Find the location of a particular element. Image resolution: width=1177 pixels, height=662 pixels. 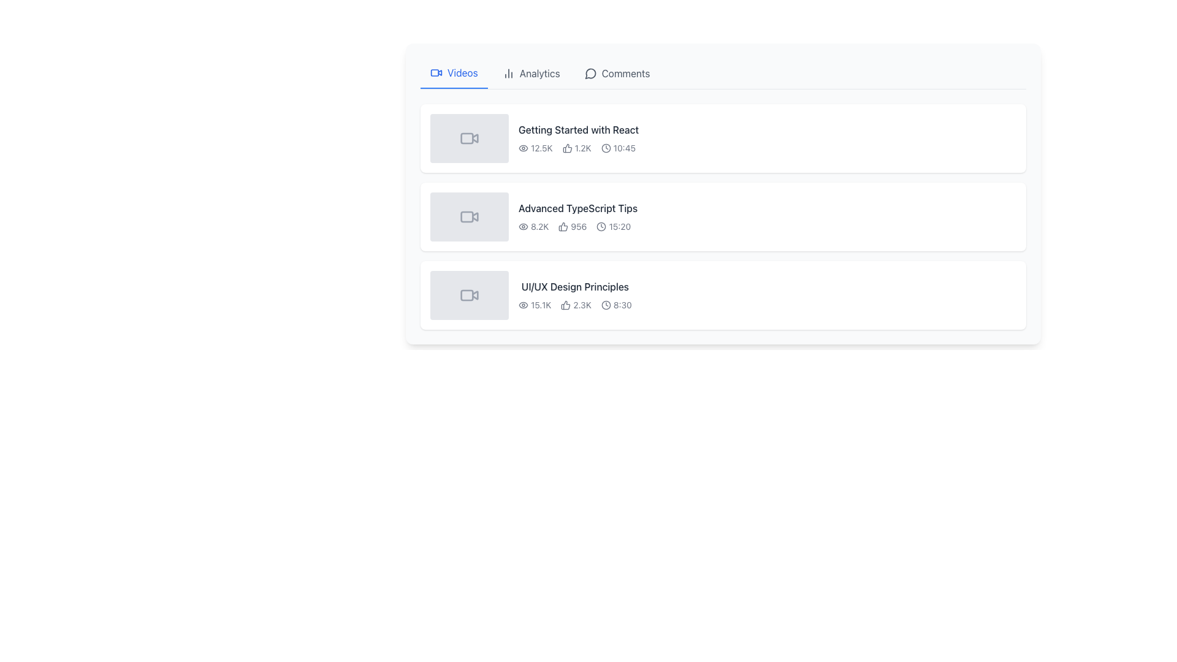

the vertically aligned bar chart icon located to the left of the 'Analytics' text label is located at coordinates (508, 73).